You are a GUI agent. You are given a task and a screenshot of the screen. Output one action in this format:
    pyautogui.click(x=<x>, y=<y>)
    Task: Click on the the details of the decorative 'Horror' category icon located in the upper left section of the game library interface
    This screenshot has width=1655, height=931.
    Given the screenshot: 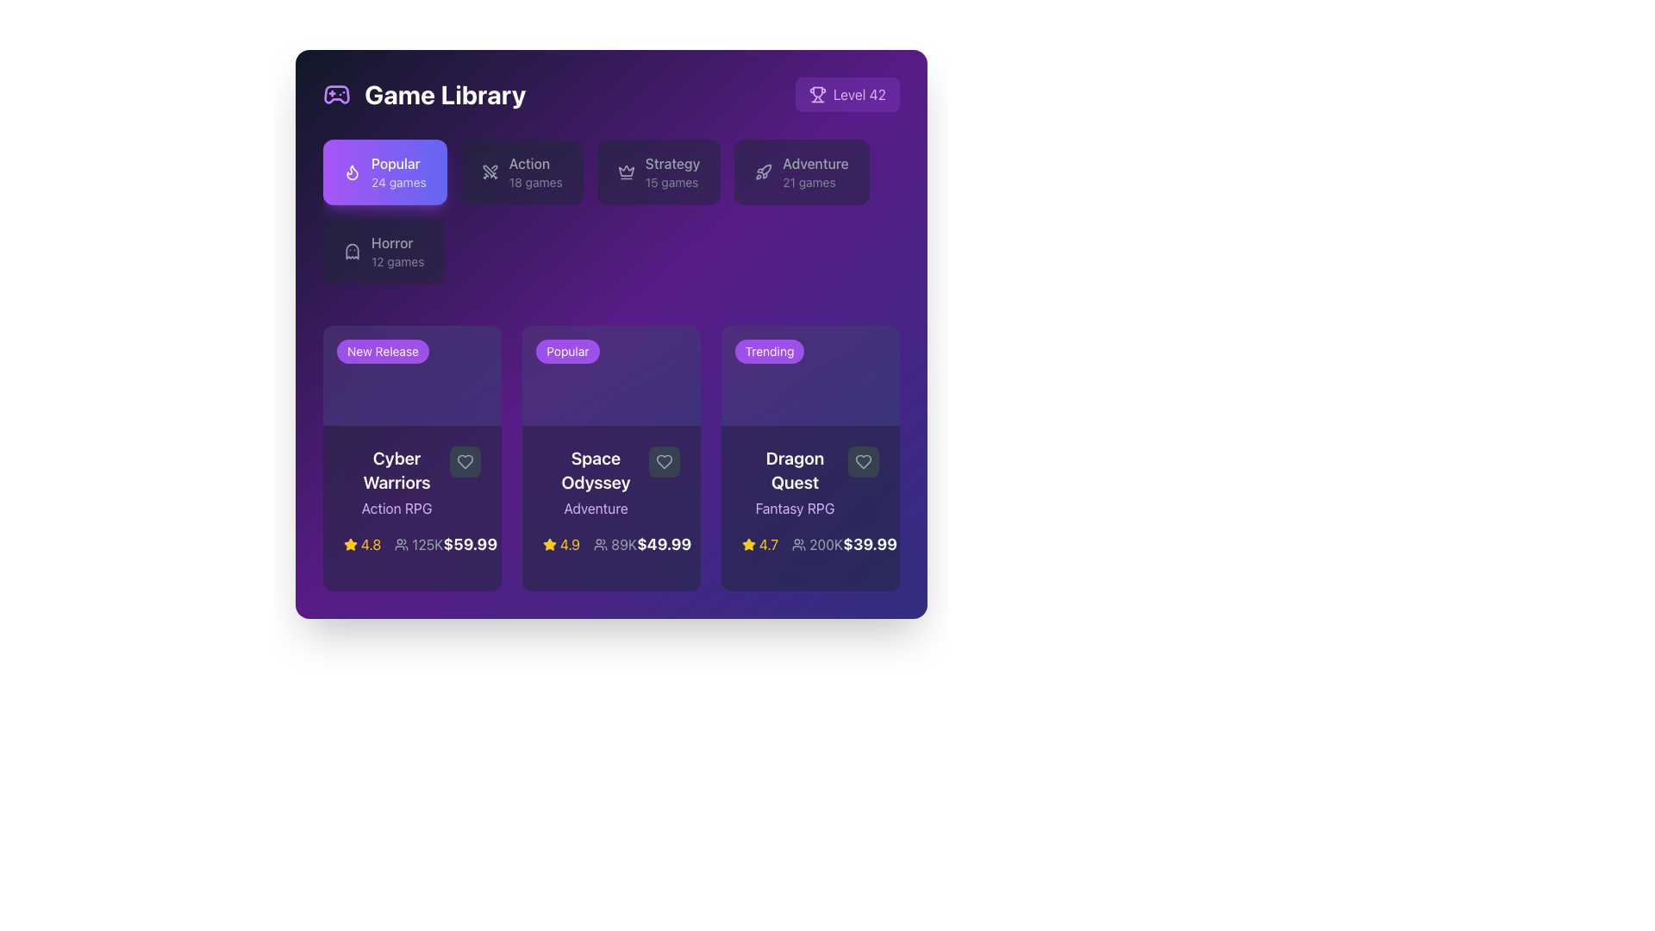 What is the action you would take?
    pyautogui.click(x=351, y=252)
    